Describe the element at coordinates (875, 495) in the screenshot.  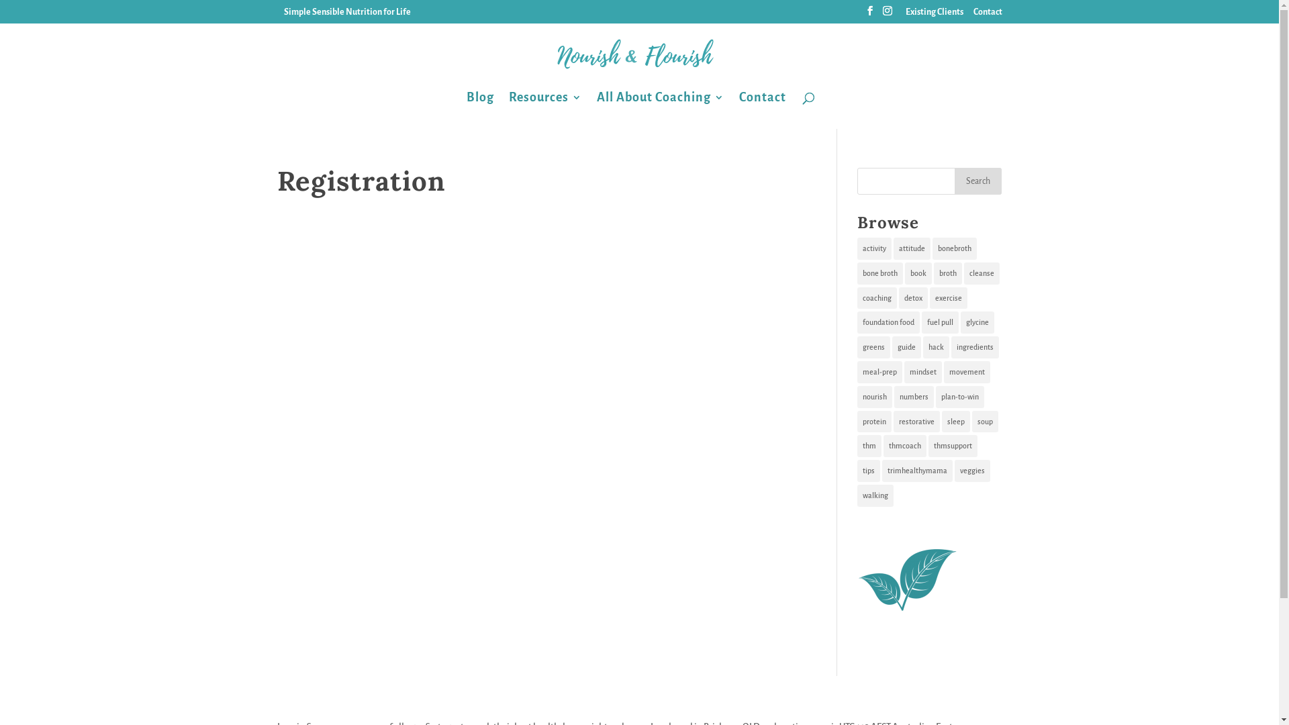
I see `'walking'` at that location.